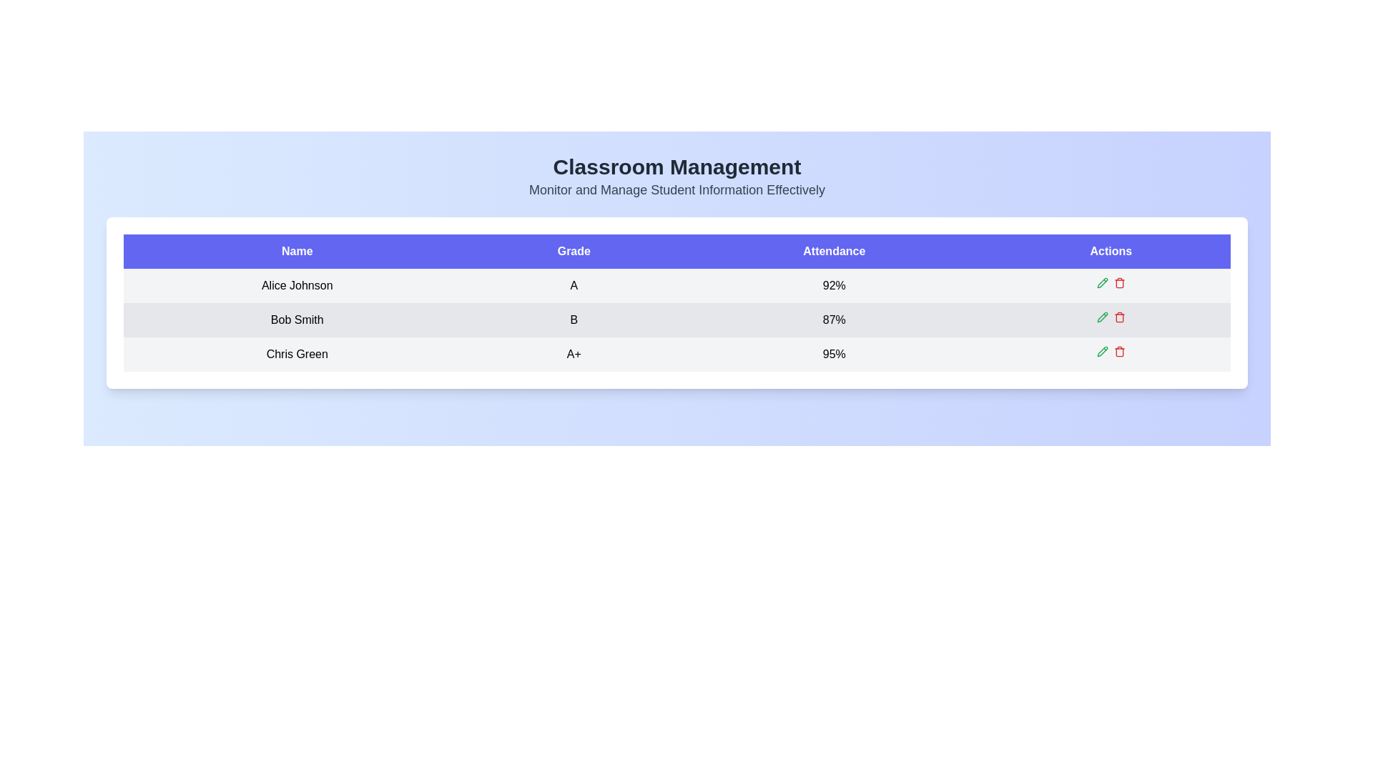 This screenshot has height=772, width=1373. What do you see at coordinates (296, 286) in the screenshot?
I see `the text label that identifies the name of a student or user, located in the first row and first column of the table under the 'Name' header` at bounding box center [296, 286].